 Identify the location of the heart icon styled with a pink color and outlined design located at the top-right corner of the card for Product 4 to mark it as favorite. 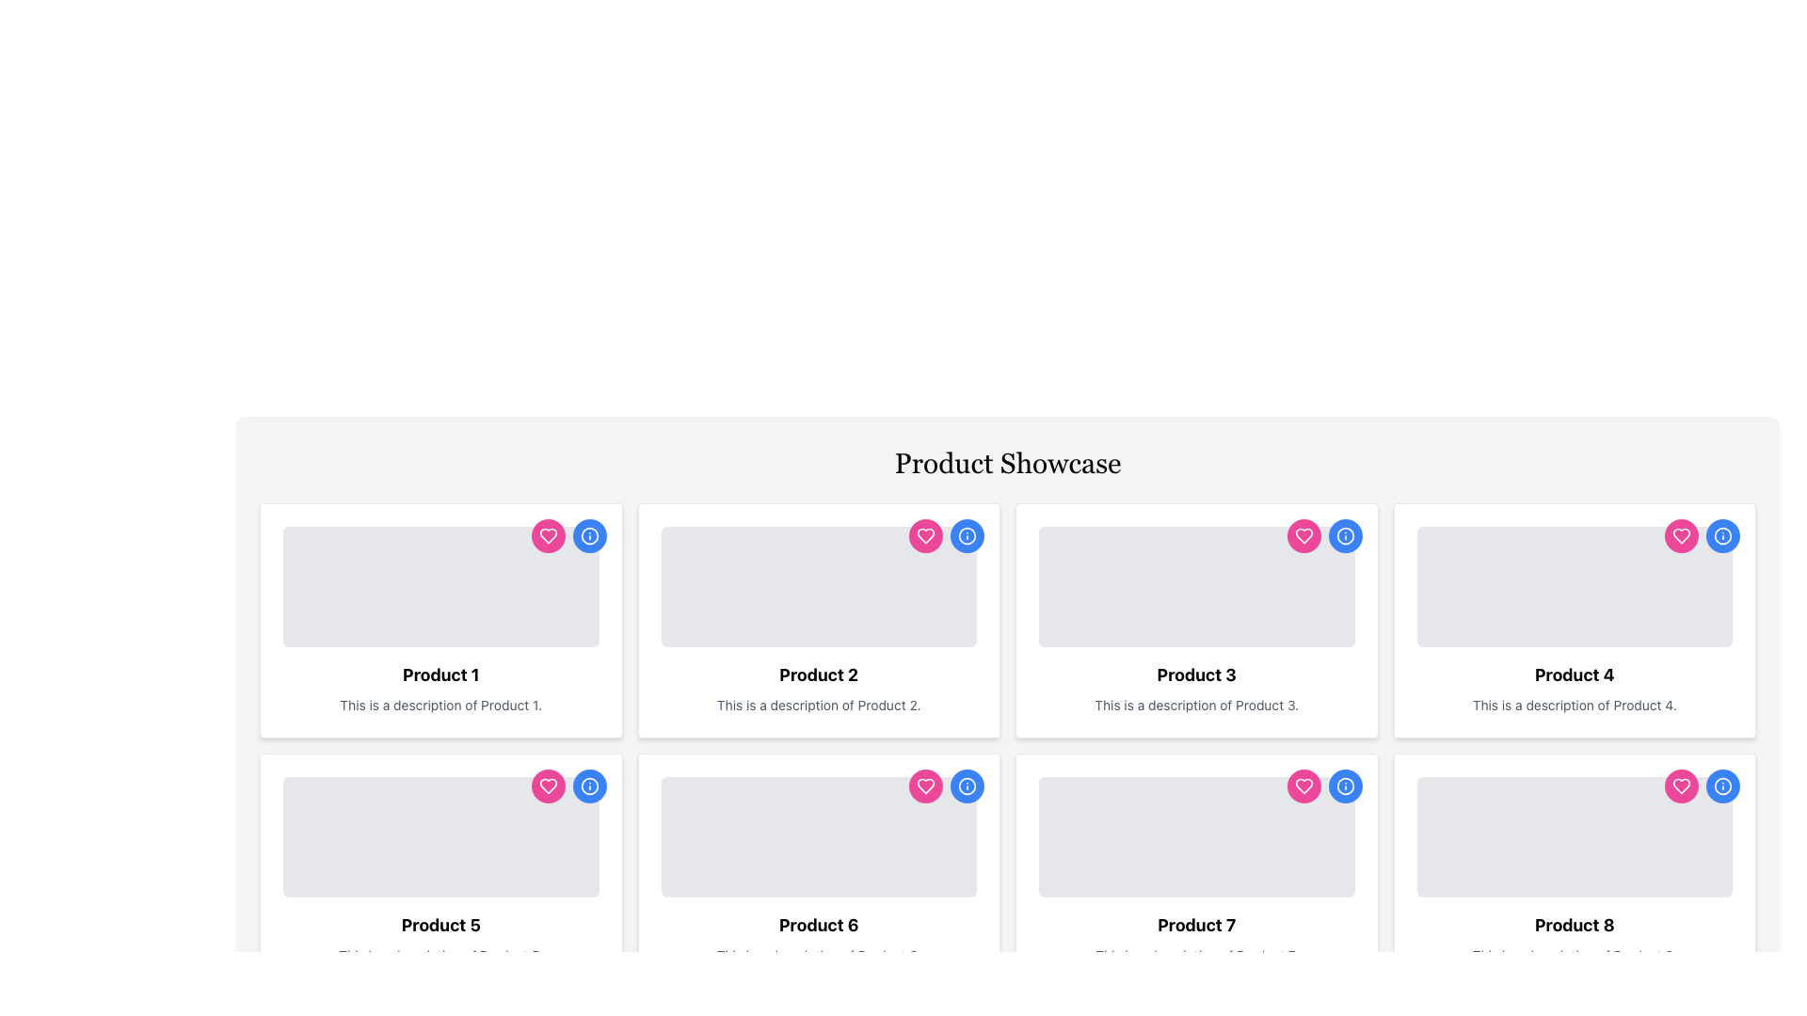
(1681, 786).